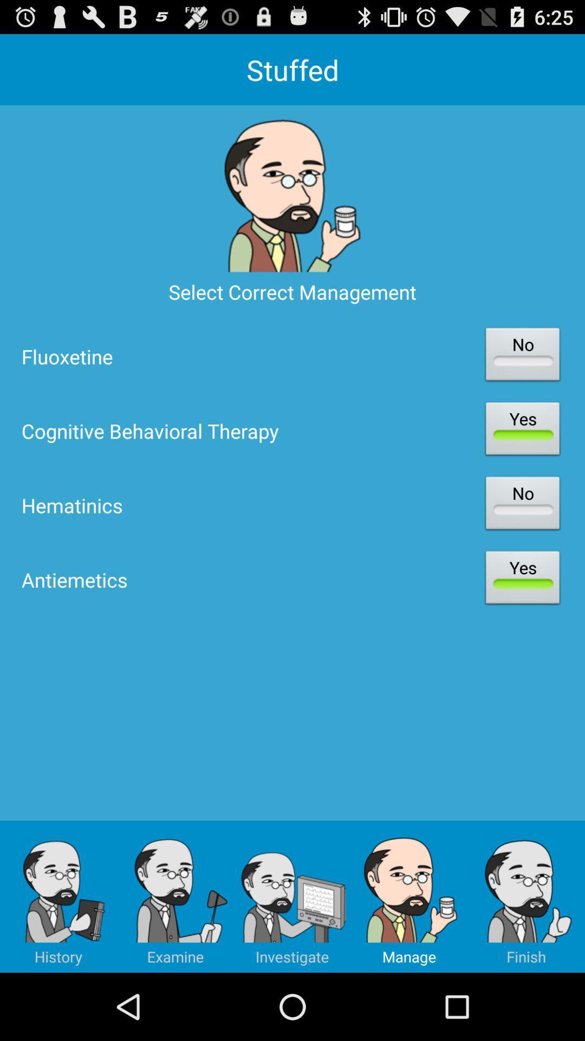  Describe the element at coordinates (58, 896) in the screenshot. I see `the icon below antiemetics` at that location.